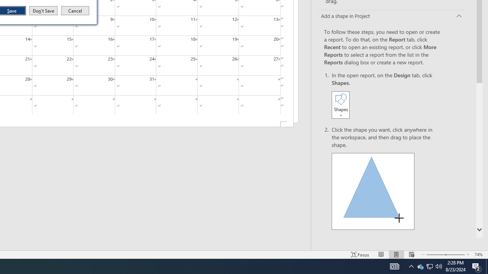 This screenshot has height=274, width=488. Describe the element at coordinates (392, 16) in the screenshot. I see `'Add a shape in Project'` at that location.